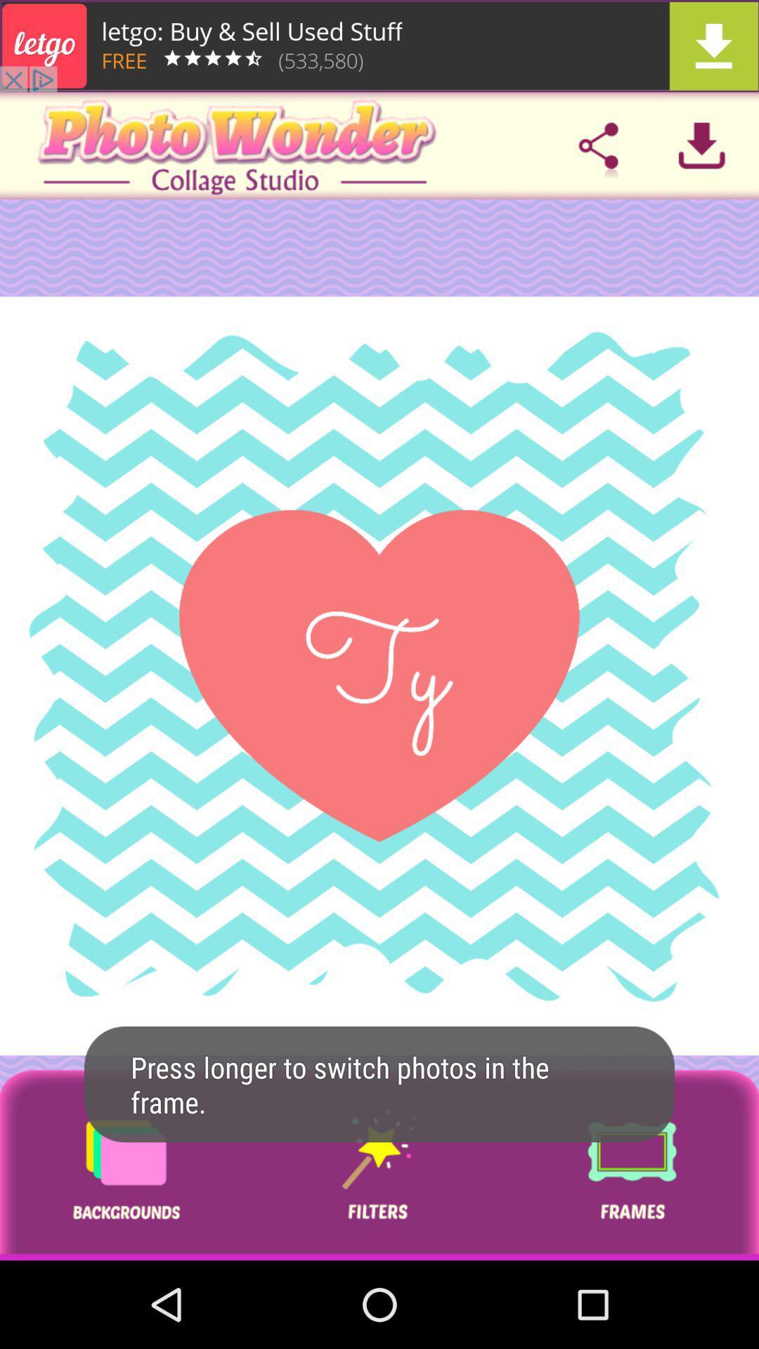  What do you see at coordinates (598, 145) in the screenshot?
I see `share the pic` at bounding box center [598, 145].